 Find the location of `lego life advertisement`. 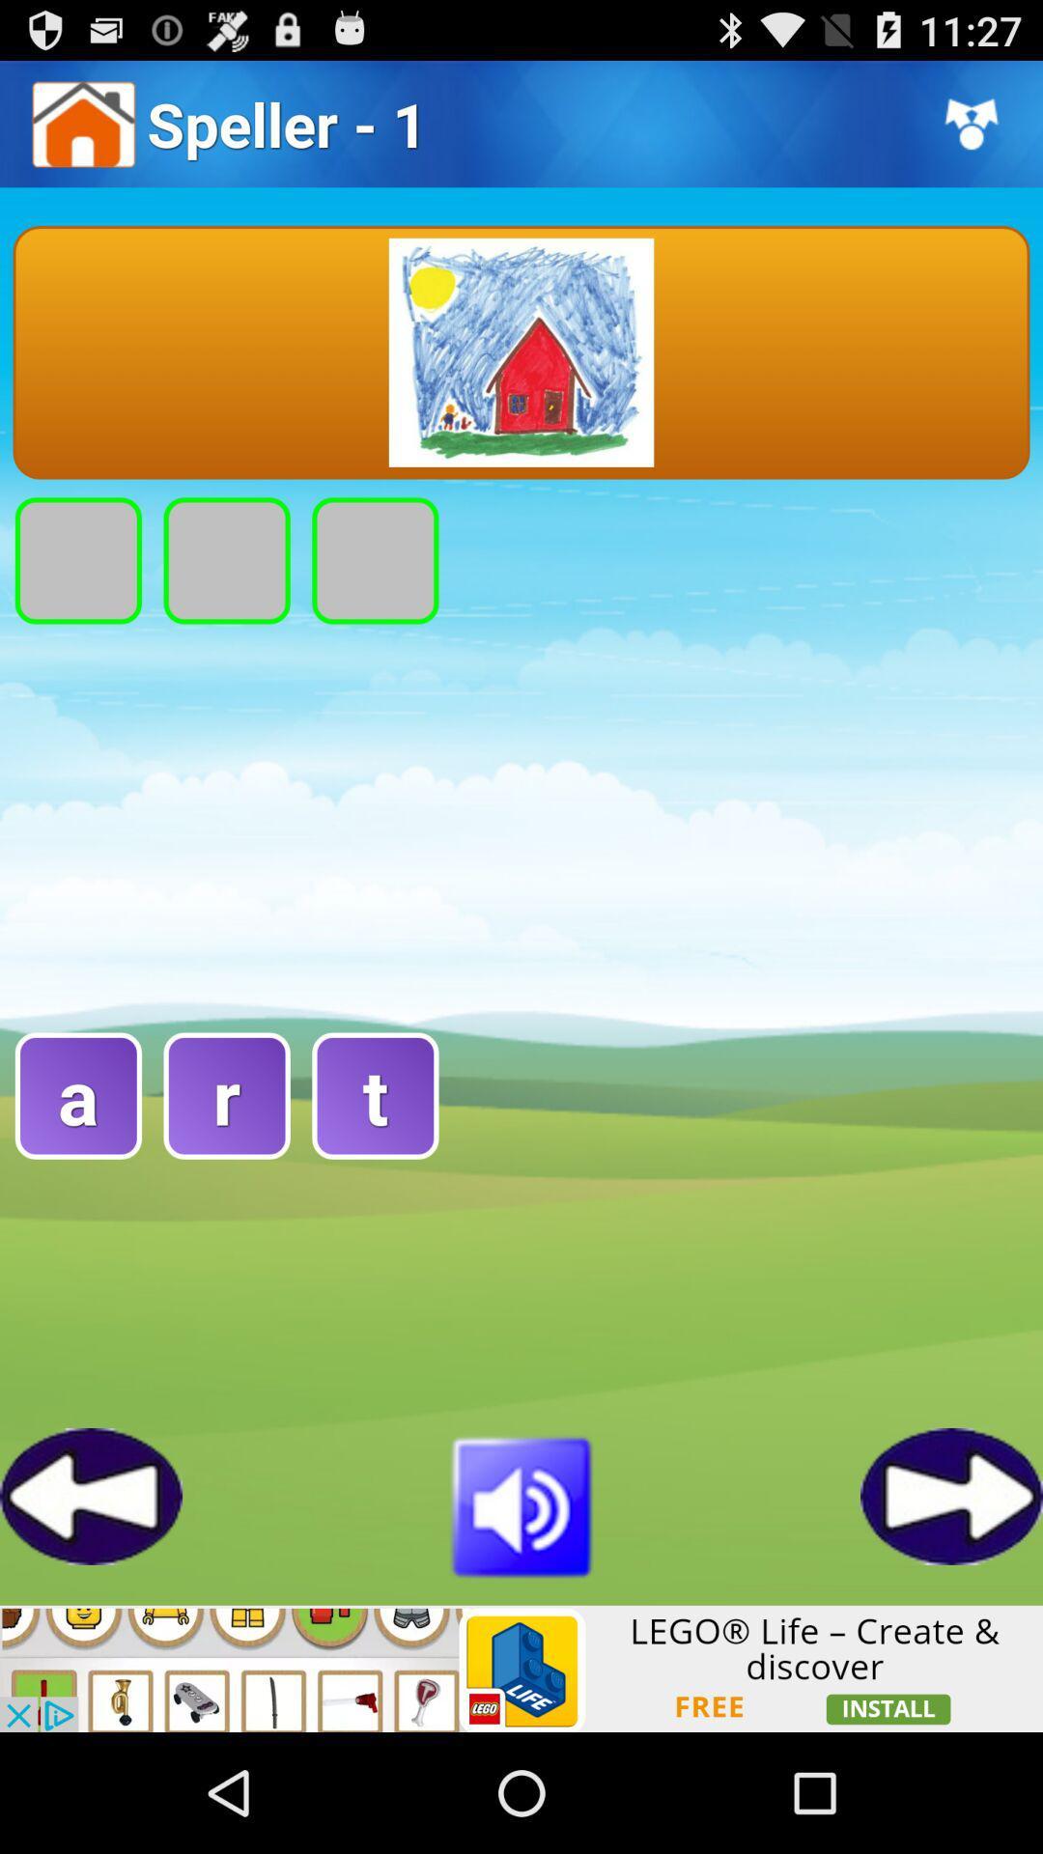

lego life advertisement is located at coordinates (521, 1668).